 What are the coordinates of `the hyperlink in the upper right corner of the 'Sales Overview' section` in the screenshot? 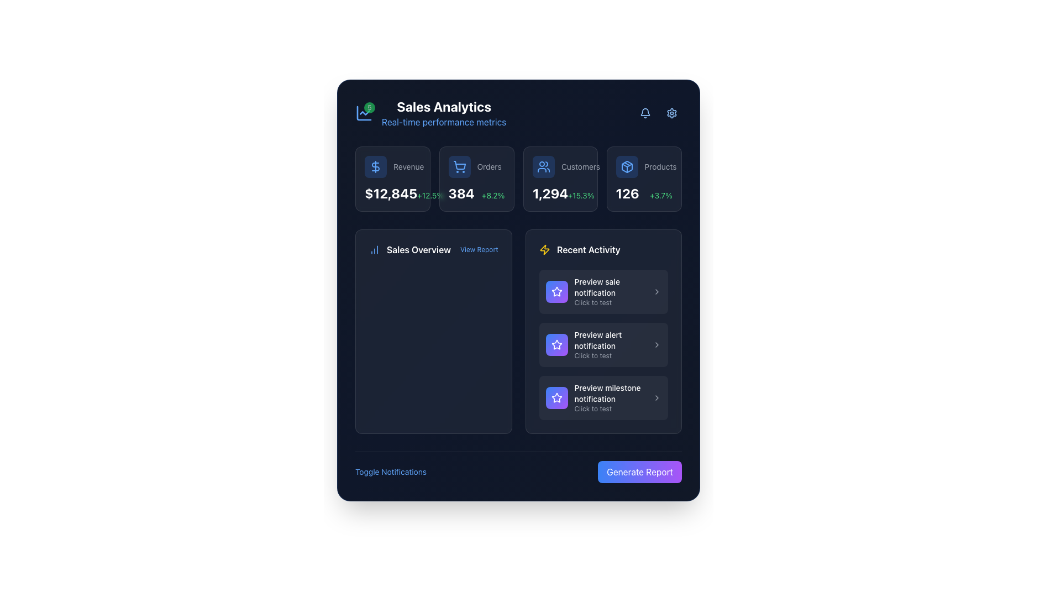 It's located at (479, 249).